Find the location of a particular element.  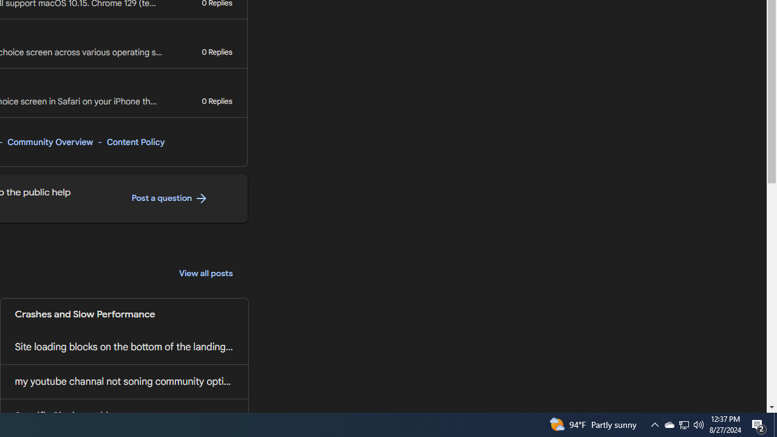

'Community Overview' is located at coordinates (49, 141).